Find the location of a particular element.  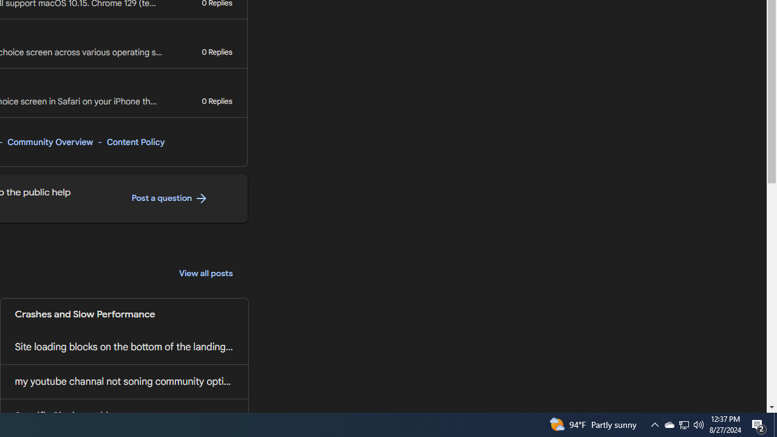

'Community Overview' is located at coordinates (49, 141).